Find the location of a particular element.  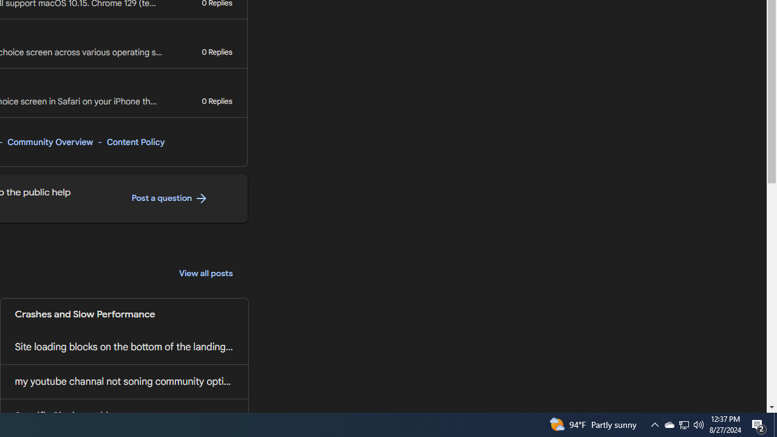

'Community Overview' is located at coordinates (49, 141).